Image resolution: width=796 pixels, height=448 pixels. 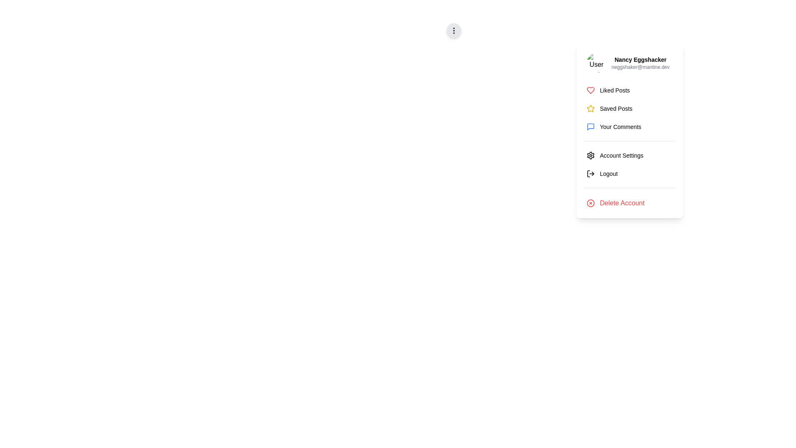 What do you see at coordinates (590, 173) in the screenshot?
I see `the Logout icon located to the left of the 'Logout' text label in the vertical menu list` at bounding box center [590, 173].